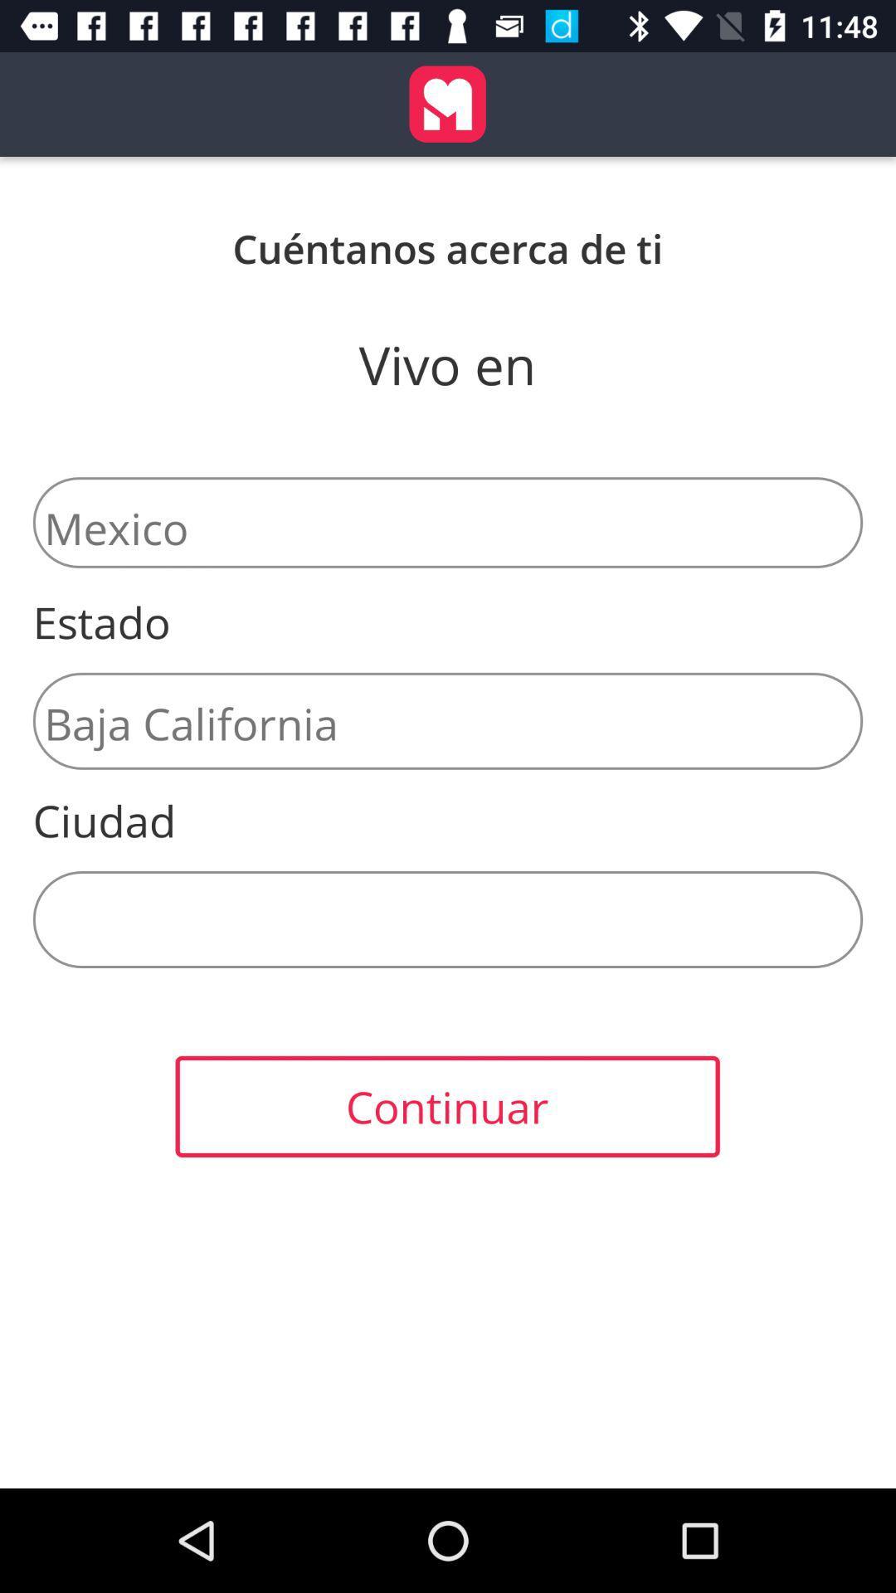 Image resolution: width=896 pixels, height=1593 pixels. I want to click on the continuar item, so click(446, 1106).